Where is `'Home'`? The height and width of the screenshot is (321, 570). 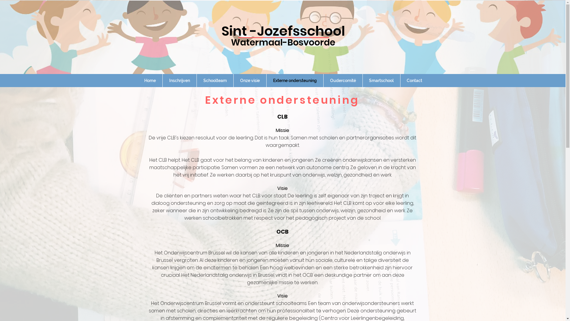
'Home' is located at coordinates (150, 80).